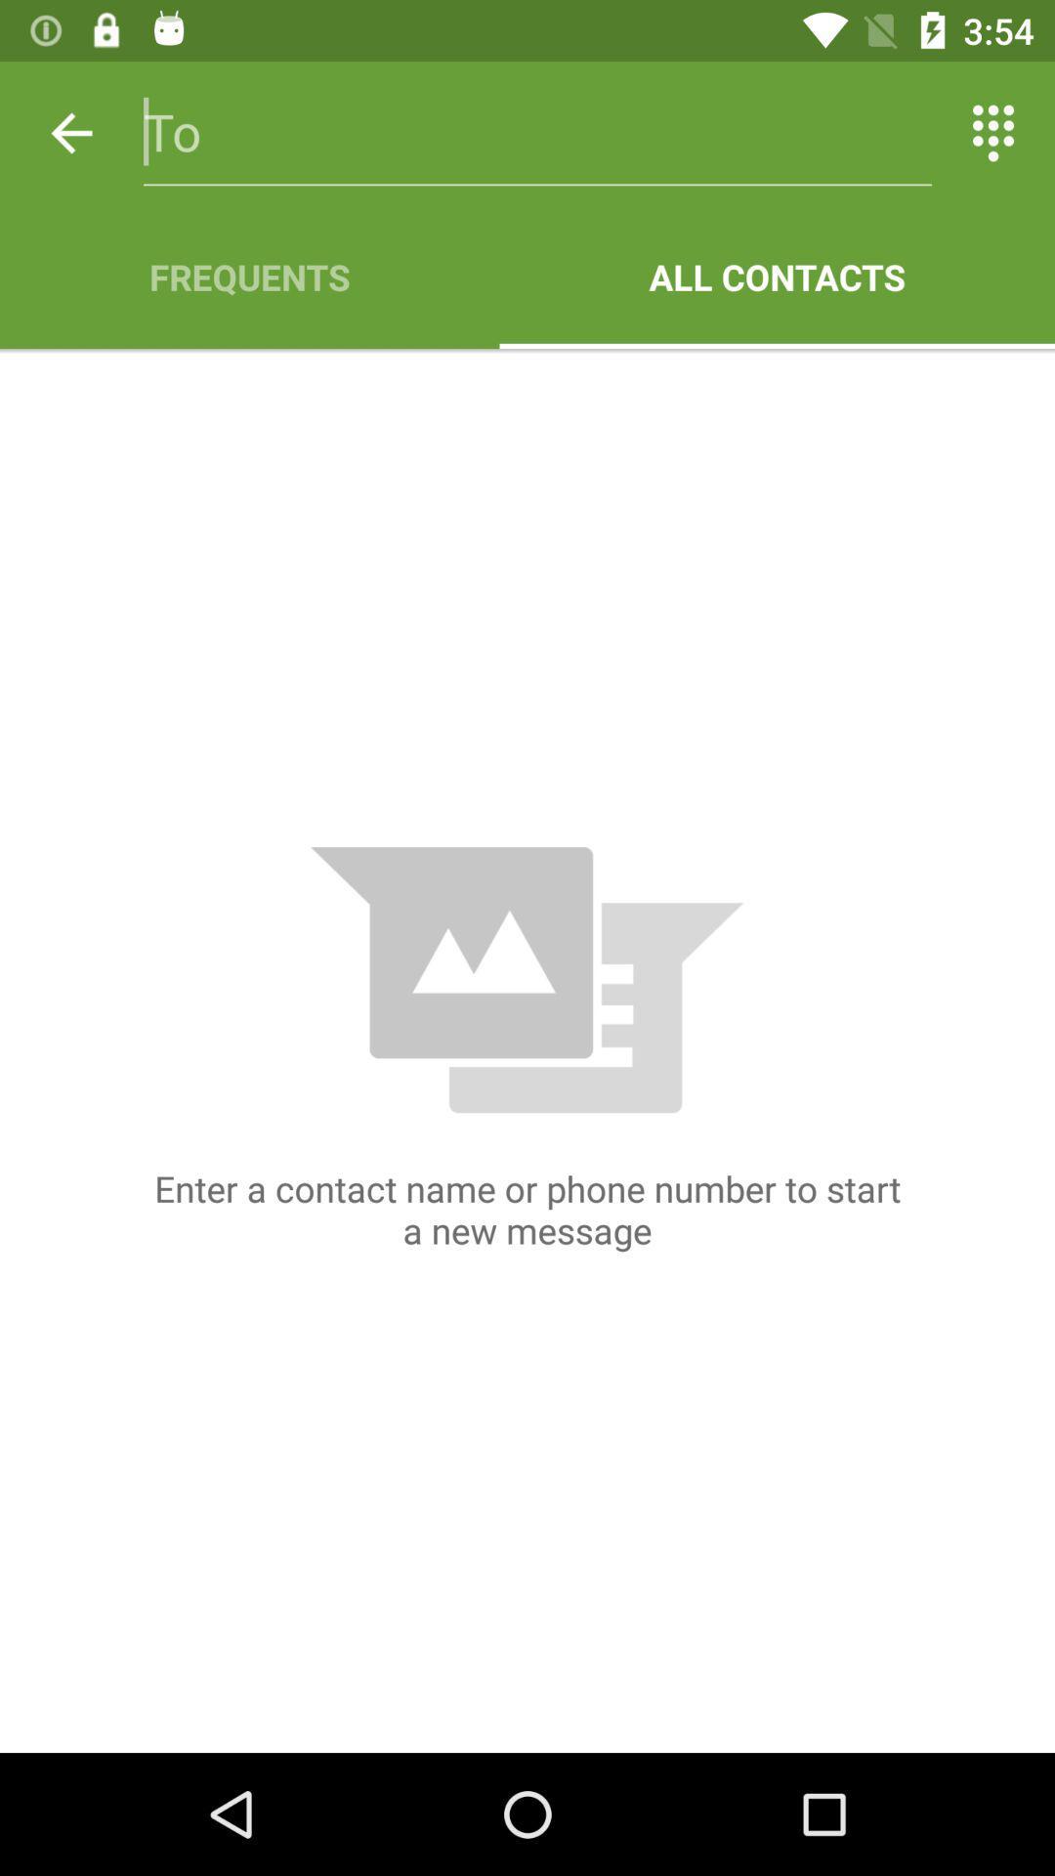 This screenshot has height=1876, width=1055. Describe the element at coordinates (776, 276) in the screenshot. I see `the app next to the frequents icon` at that location.